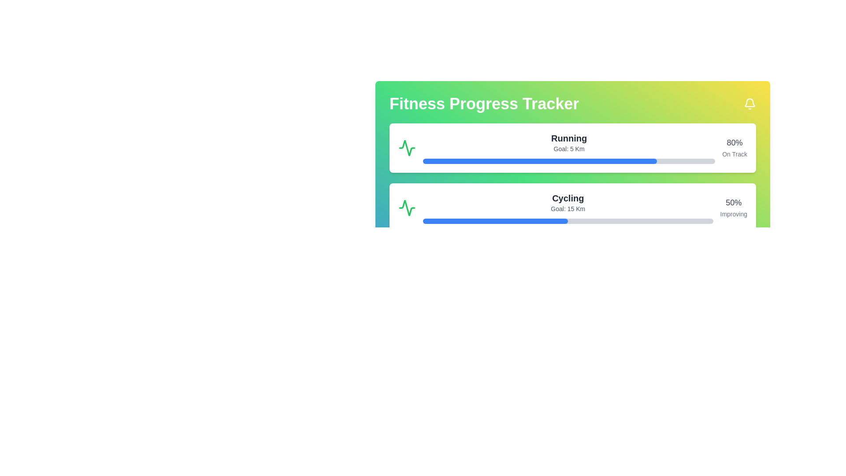 This screenshot has width=846, height=476. What do you see at coordinates (569, 147) in the screenshot?
I see `the text display element that shows the user's running goal in kilometers, located in the upper section of the first card to the right of the green activity icon and above the blue progress bar` at bounding box center [569, 147].